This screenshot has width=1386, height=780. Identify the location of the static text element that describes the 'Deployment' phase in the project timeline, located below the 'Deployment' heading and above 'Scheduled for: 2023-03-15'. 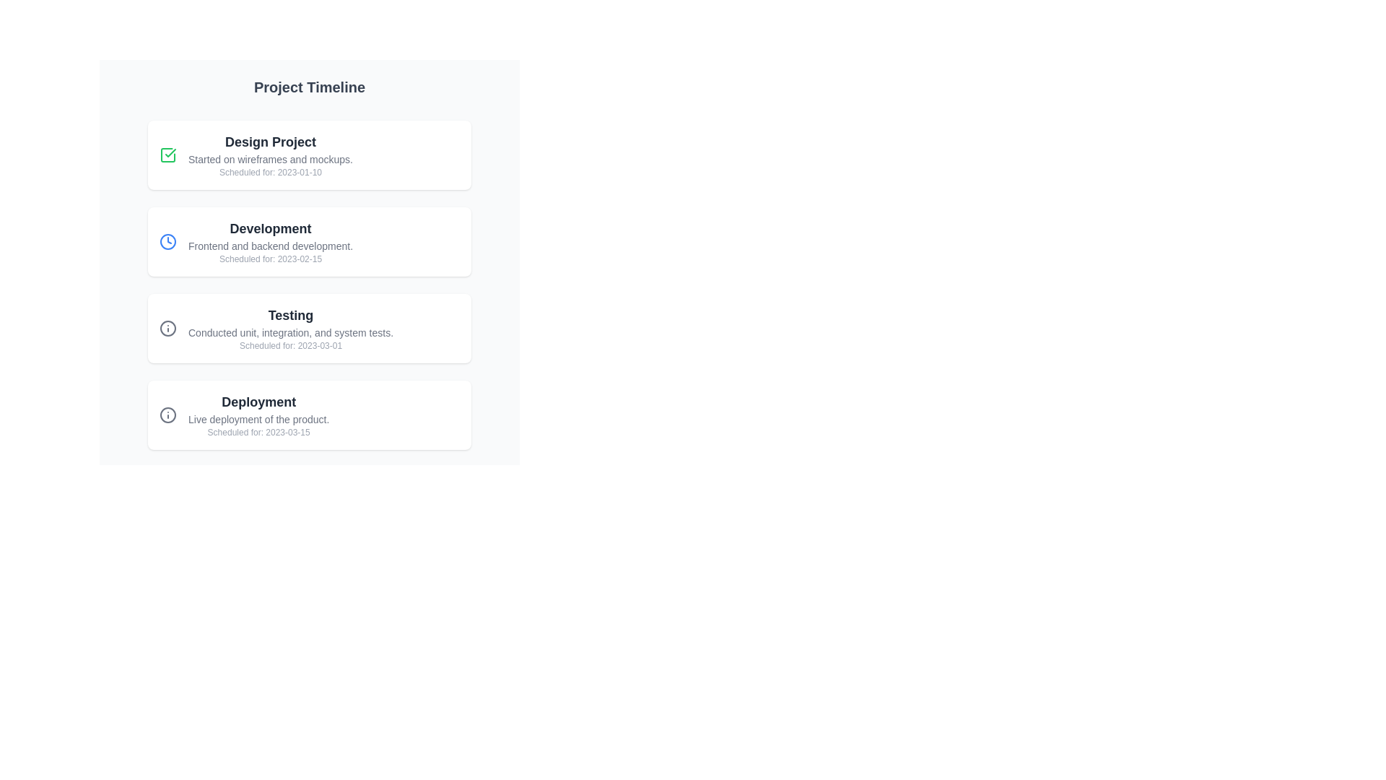
(258, 420).